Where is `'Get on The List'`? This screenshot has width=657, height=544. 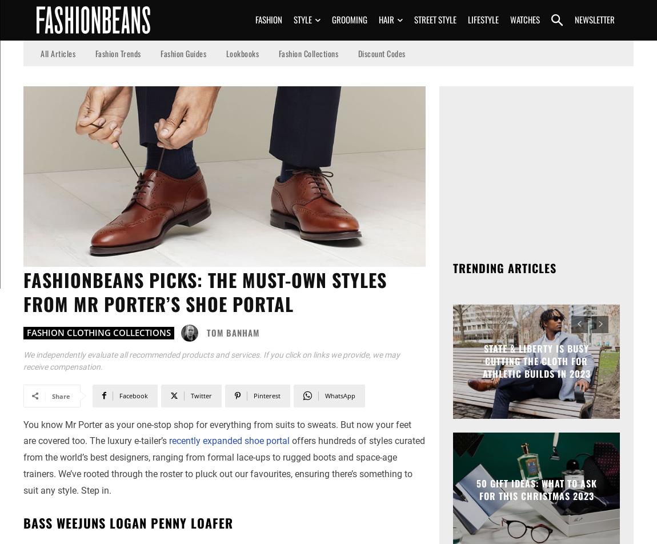 'Get on The List' is located at coordinates (322, 462).